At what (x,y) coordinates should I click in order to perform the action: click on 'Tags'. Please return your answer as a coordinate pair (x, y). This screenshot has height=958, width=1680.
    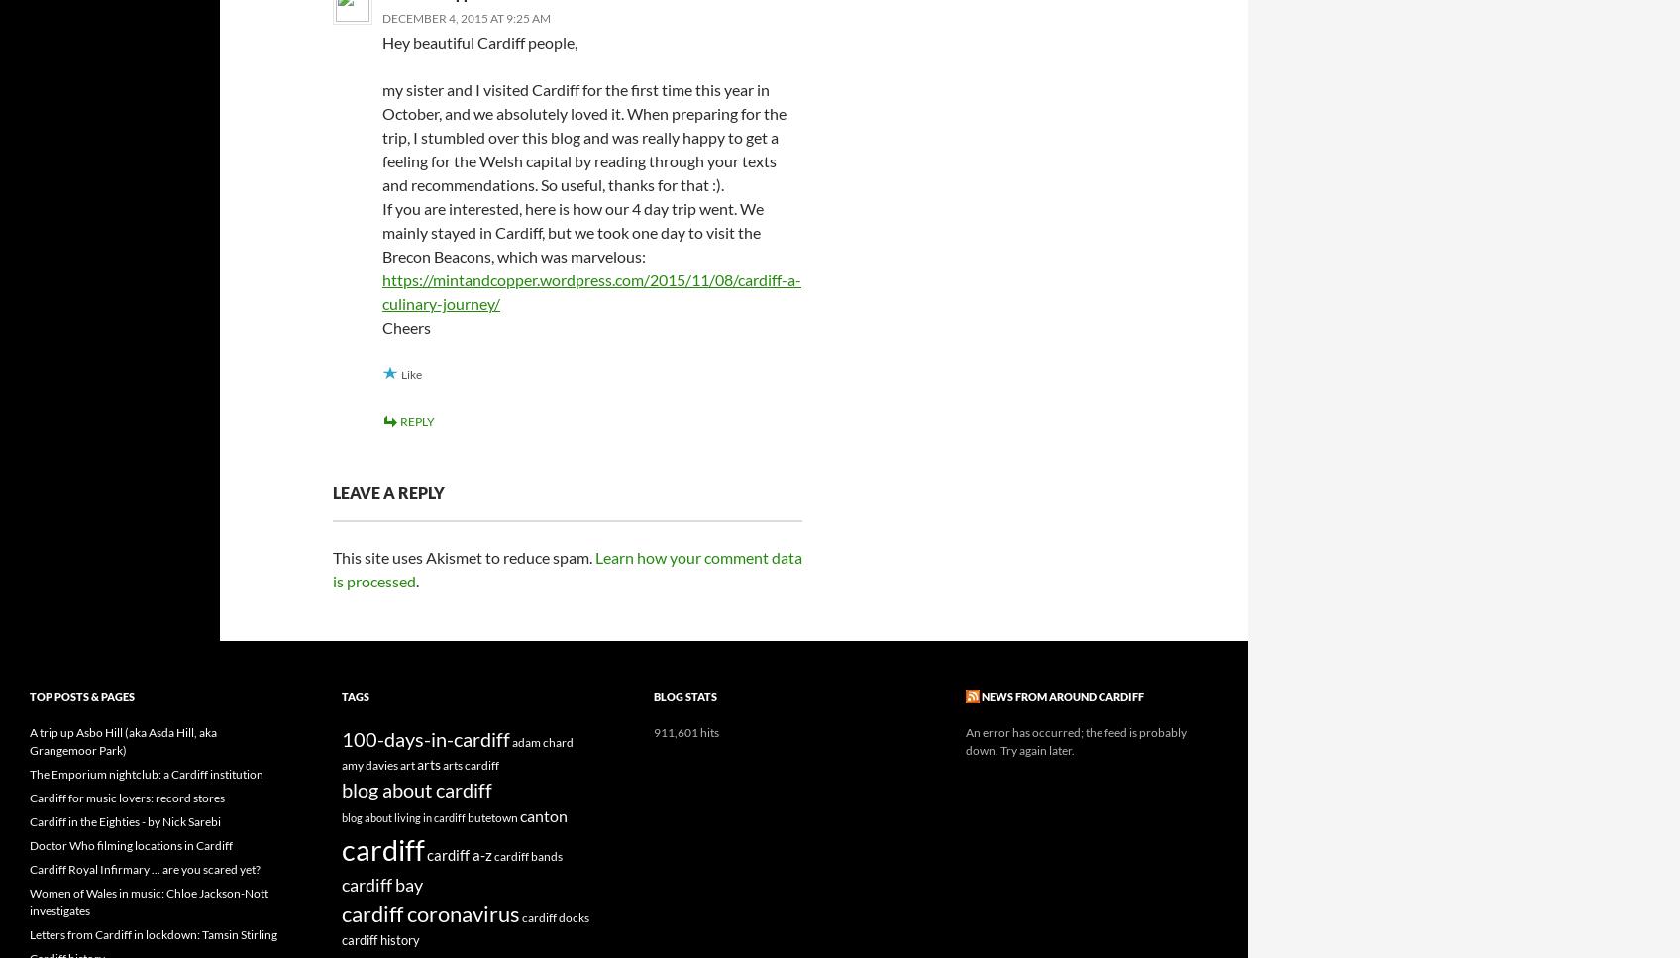
    Looking at the image, I should click on (355, 695).